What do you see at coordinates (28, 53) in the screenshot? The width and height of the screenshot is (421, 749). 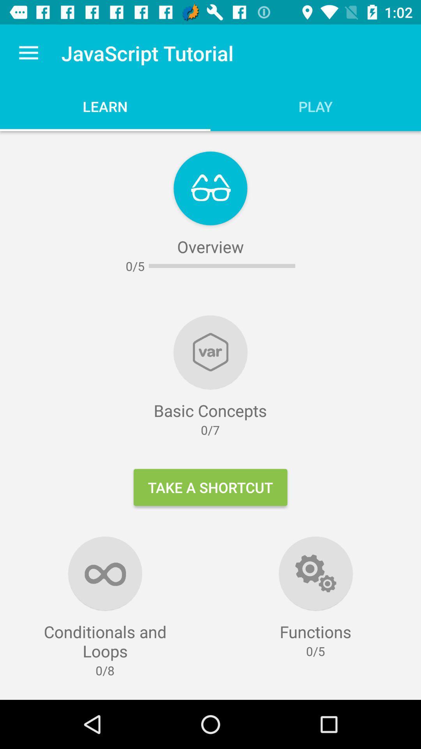 I see `the icon next to the javascript tutorial` at bounding box center [28, 53].